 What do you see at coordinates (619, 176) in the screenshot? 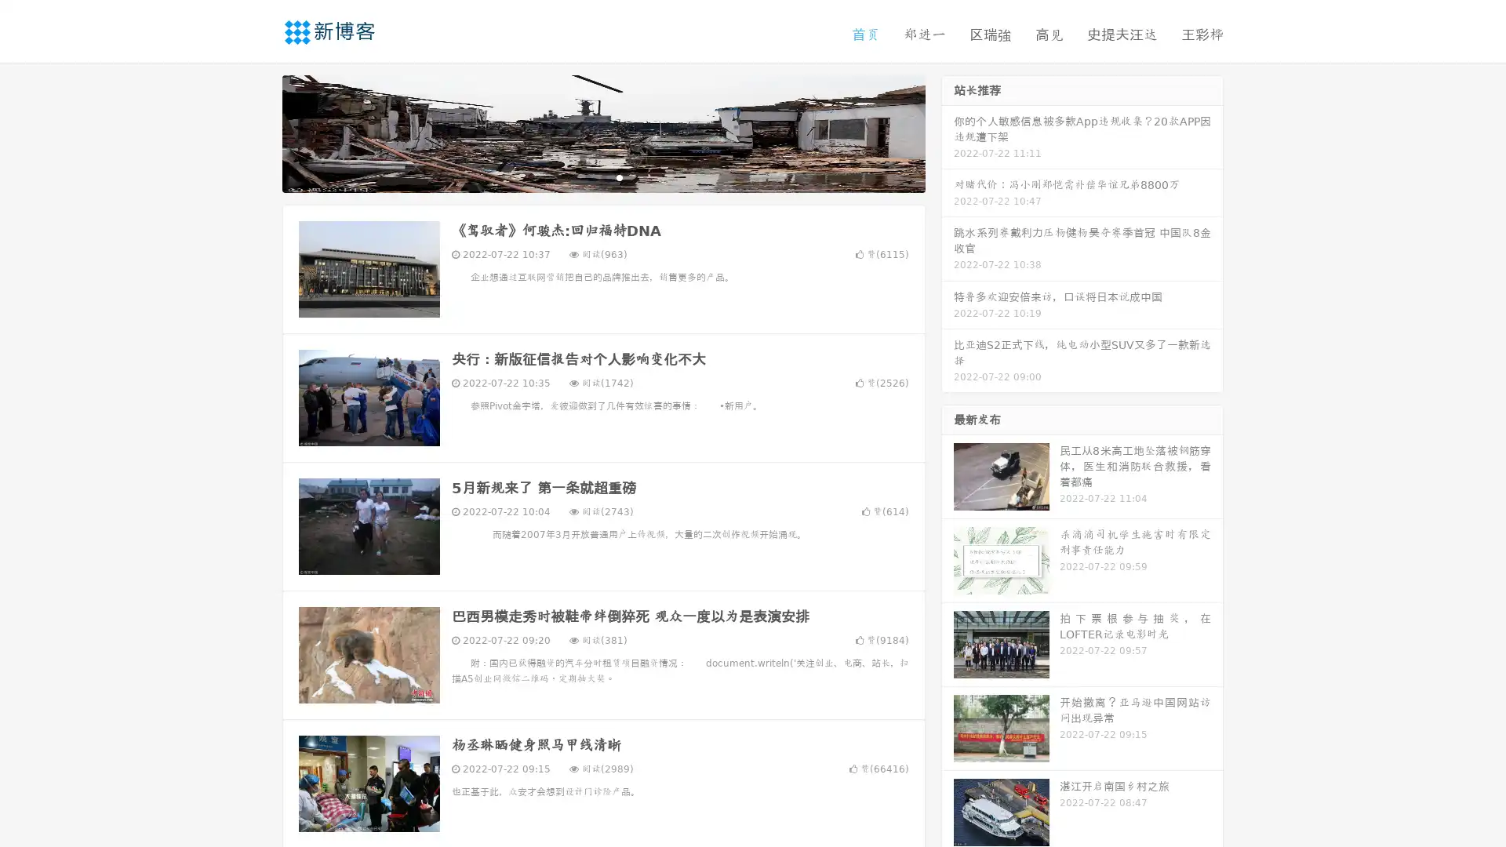
I see `Go to slide 3` at bounding box center [619, 176].